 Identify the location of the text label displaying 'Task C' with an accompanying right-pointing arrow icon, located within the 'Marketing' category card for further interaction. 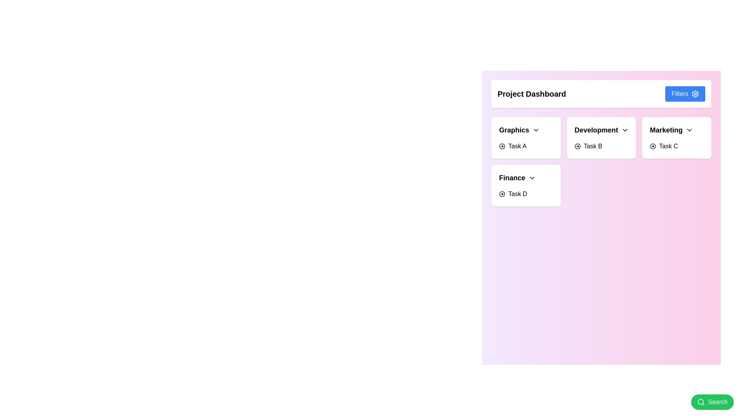
(663, 146).